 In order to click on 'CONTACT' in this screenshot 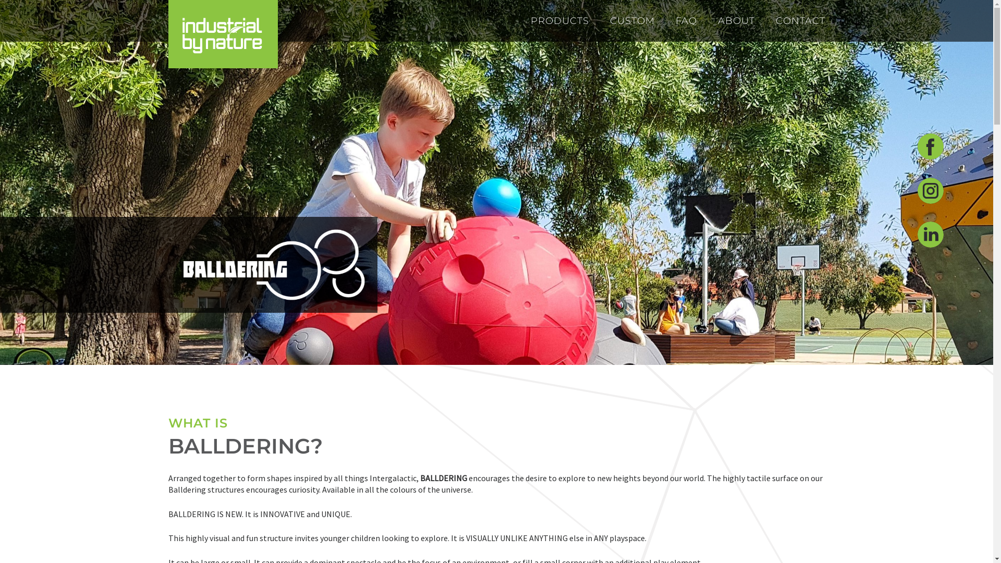, I will do `click(800, 20)`.